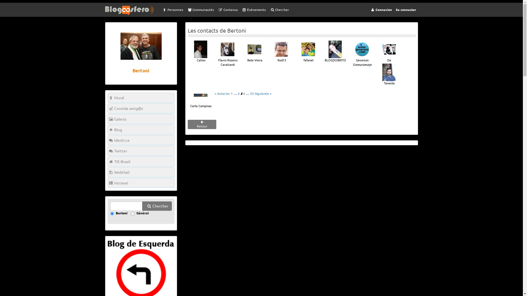 This screenshot has height=296, width=527. Describe the element at coordinates (141, 108) in the screenshot. I see `'Convide amig@s'` at that location.